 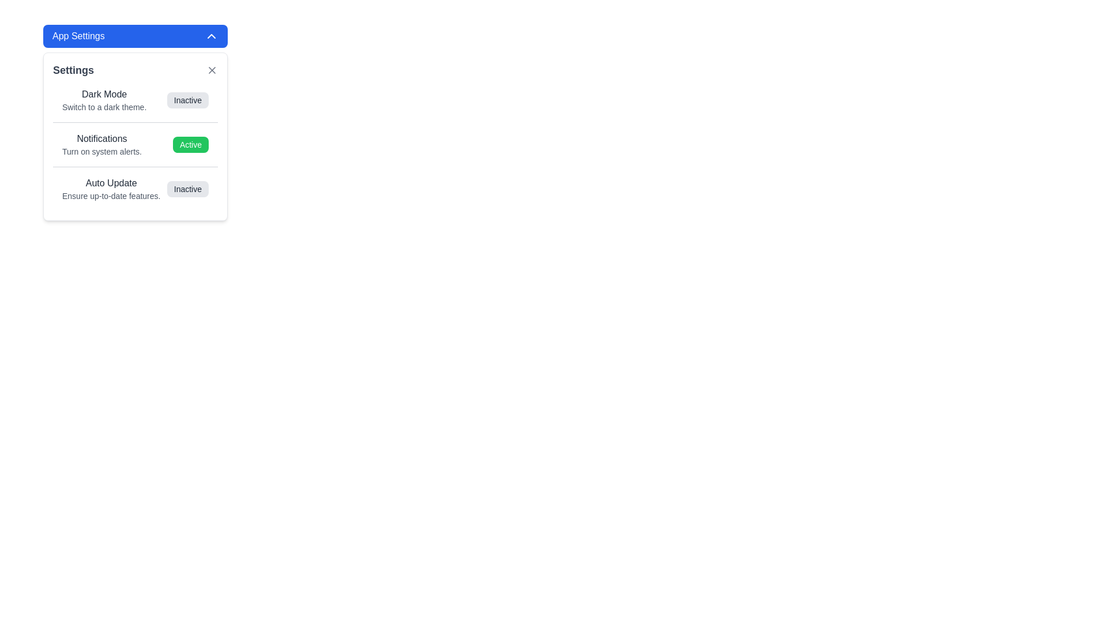 I want to click on the text label describing the 'Turn on system alerts.' settings option located in the second row of the options in the settings panel, so click(x=102, y=138).